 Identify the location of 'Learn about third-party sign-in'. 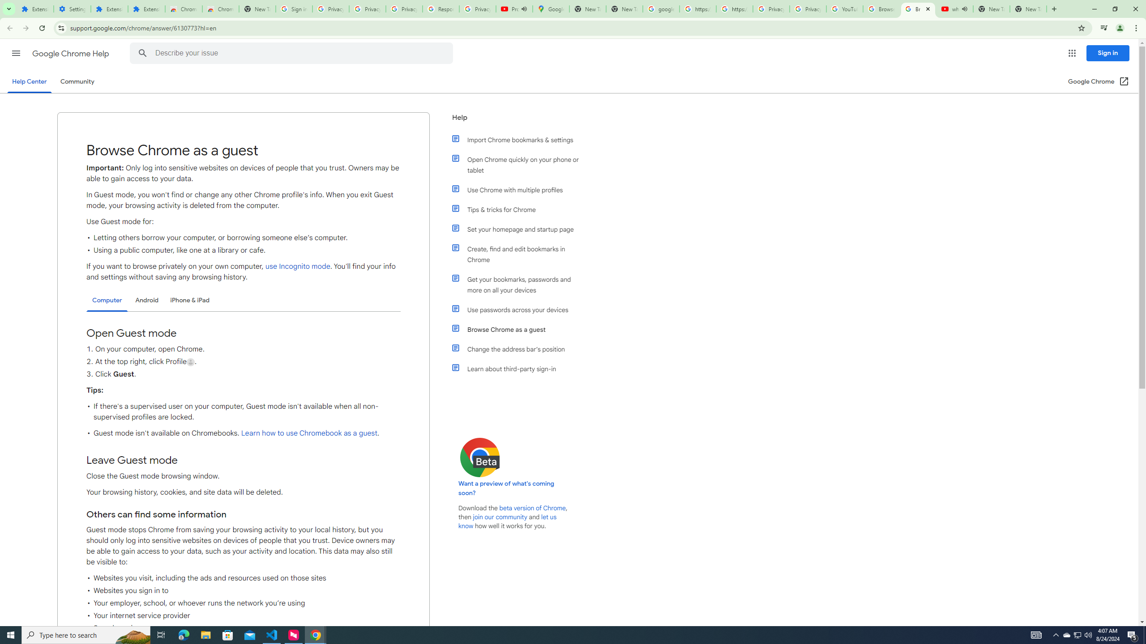
(520, 369).